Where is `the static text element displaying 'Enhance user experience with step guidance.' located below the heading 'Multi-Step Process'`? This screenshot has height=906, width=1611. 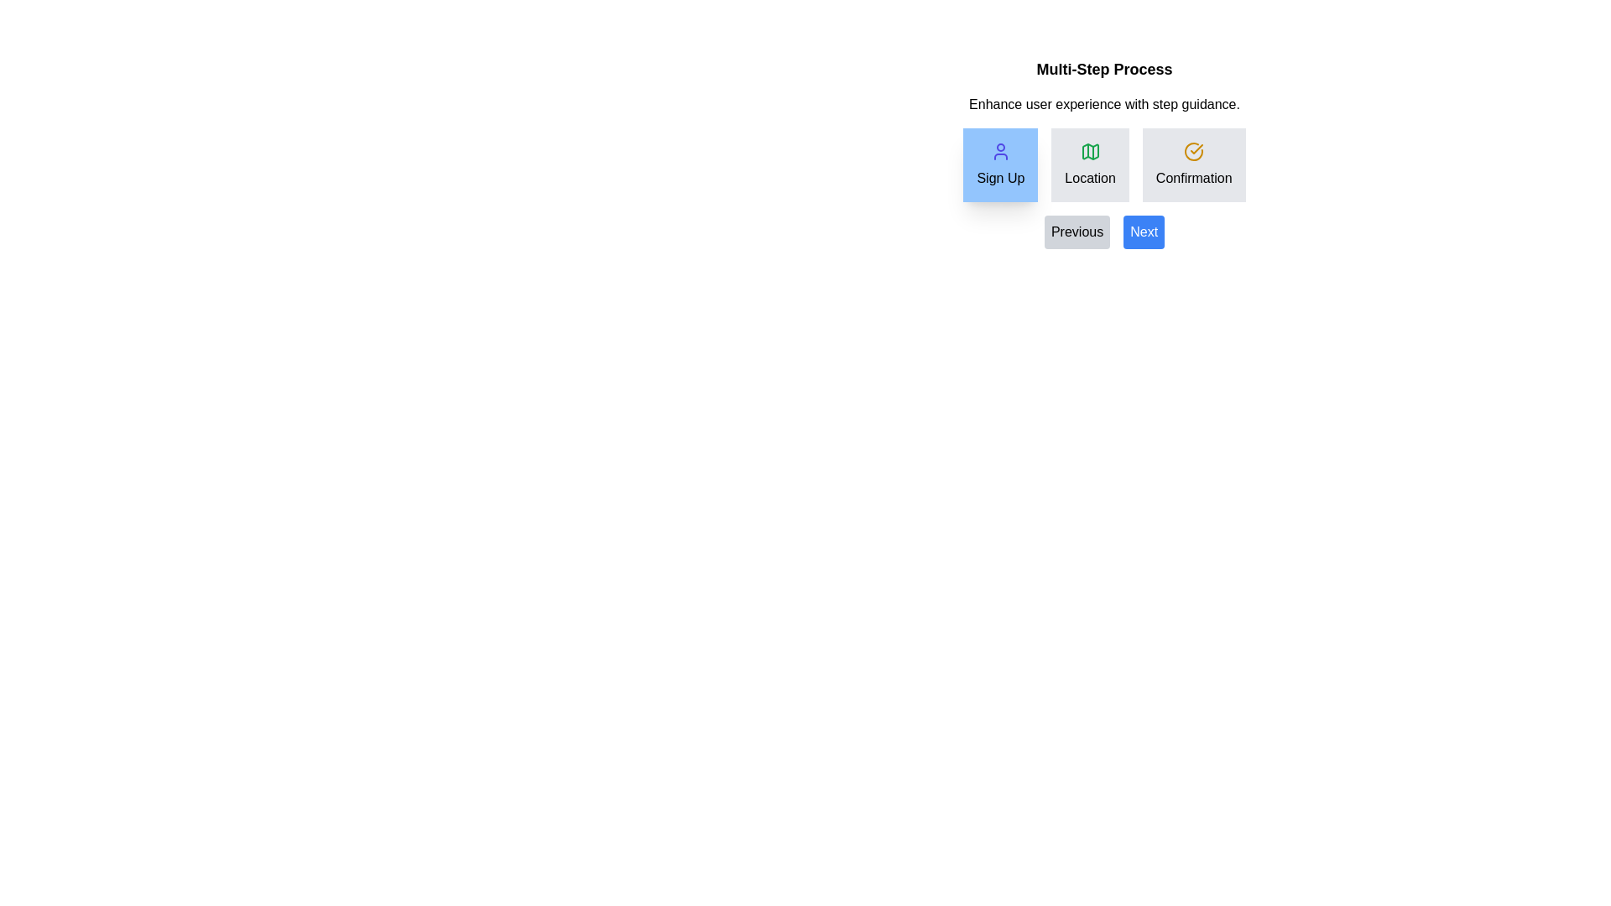 the static text element displaying 'Enhance user experience with step guidance.' located below the heading 'Multi-Step Process' is located at coordinates (1104, 104).